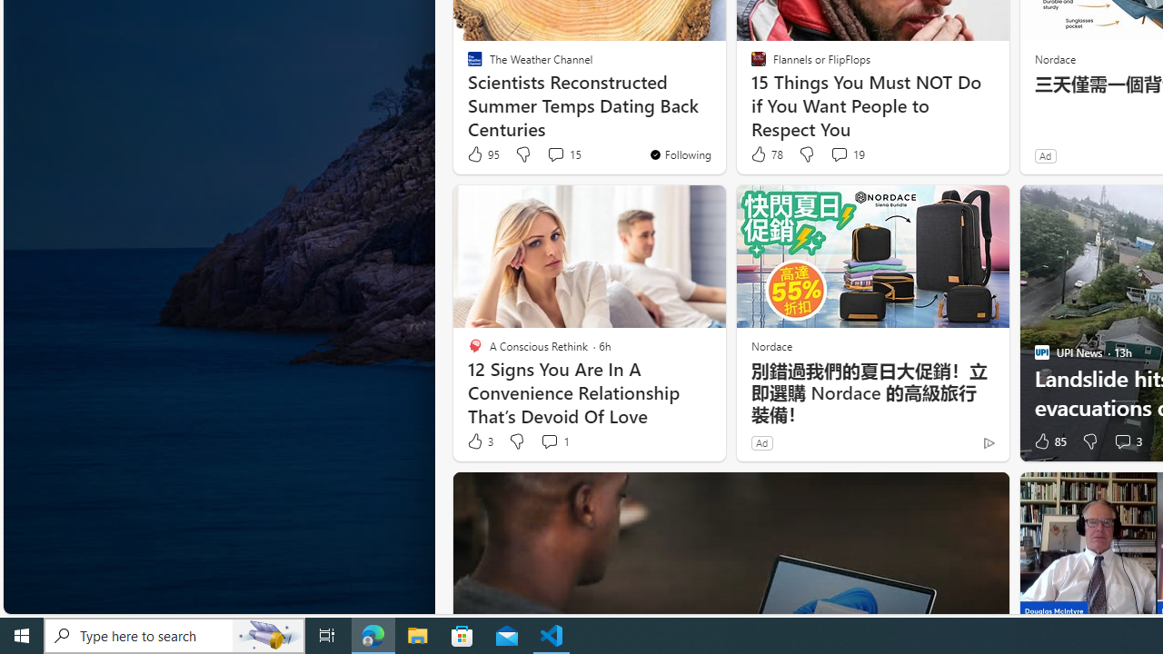 This screenshot has height=654, width=1163. What do you see at coordinates (548, 441) in the screenshot?
I see `'View comments 1 Comment'` at bounding box center [548, 441].